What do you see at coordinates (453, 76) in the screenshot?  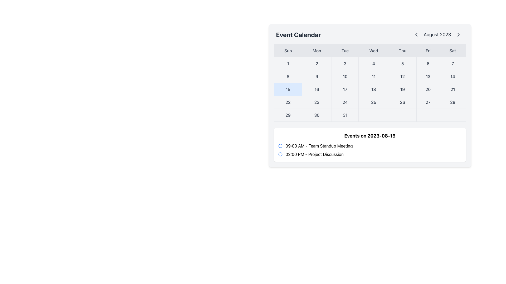 I see `the Calendar Day Cell representing the 14th day of the month` at bounding box center [453, 76].